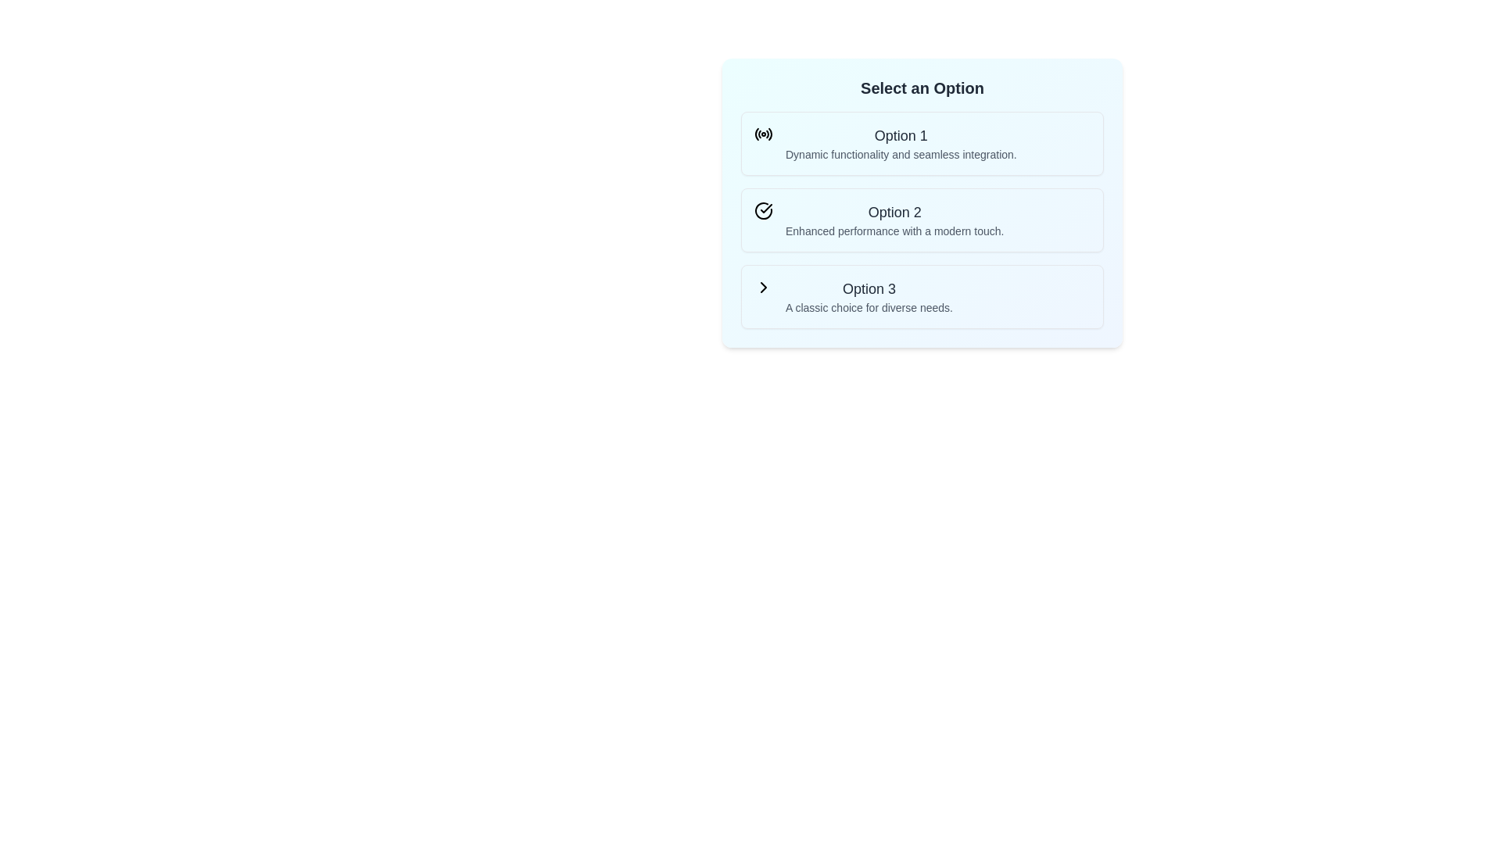 The height and width of the screenshot is (844, 1501). I want to click on the icon that visually represents the selected state for 'Option 2', confirming the user's choice, so click(764, 211).